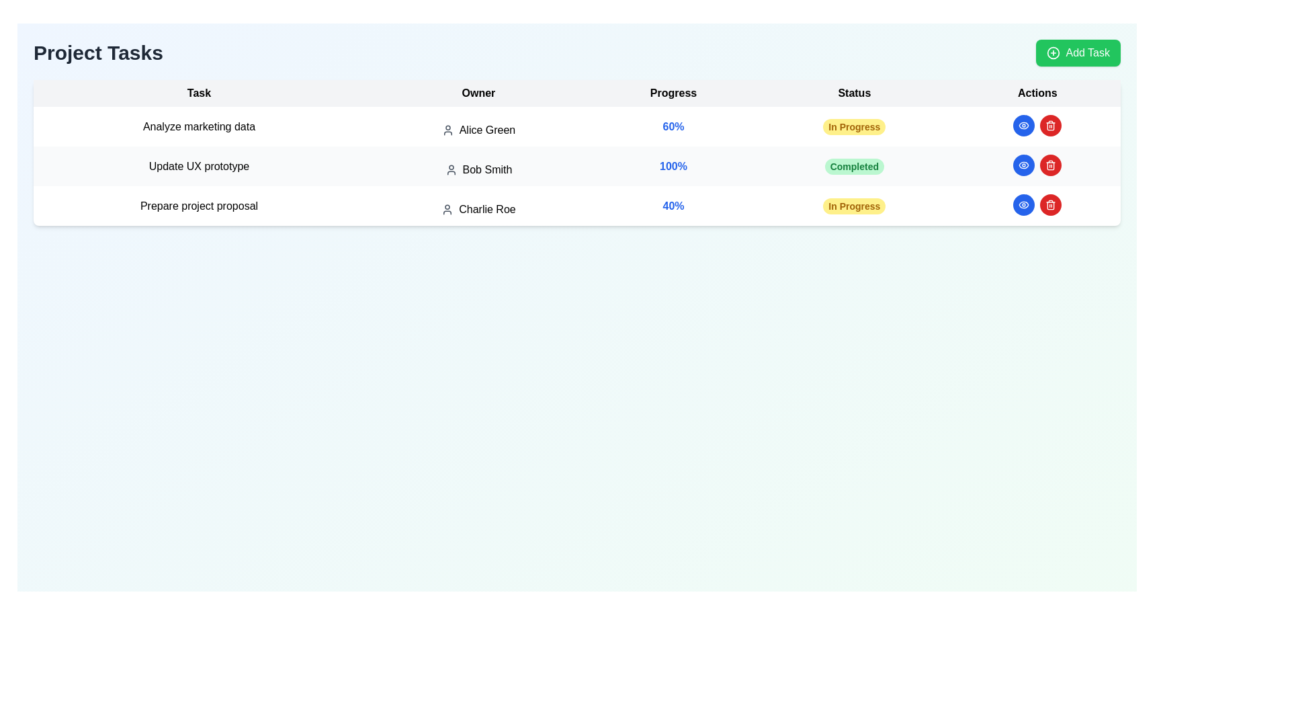 The image size is (1290, 726). I want to click on progression information from the progress indicator located in the third row of the table under the 'Progress' column, positioned between 'Charlie Roe' and 'In Progress', so click(673, 206).